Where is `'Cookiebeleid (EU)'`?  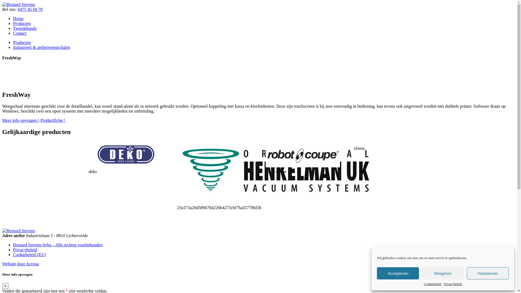
'Cookiebeleid (EU)' is located at coordinates (29, 254).